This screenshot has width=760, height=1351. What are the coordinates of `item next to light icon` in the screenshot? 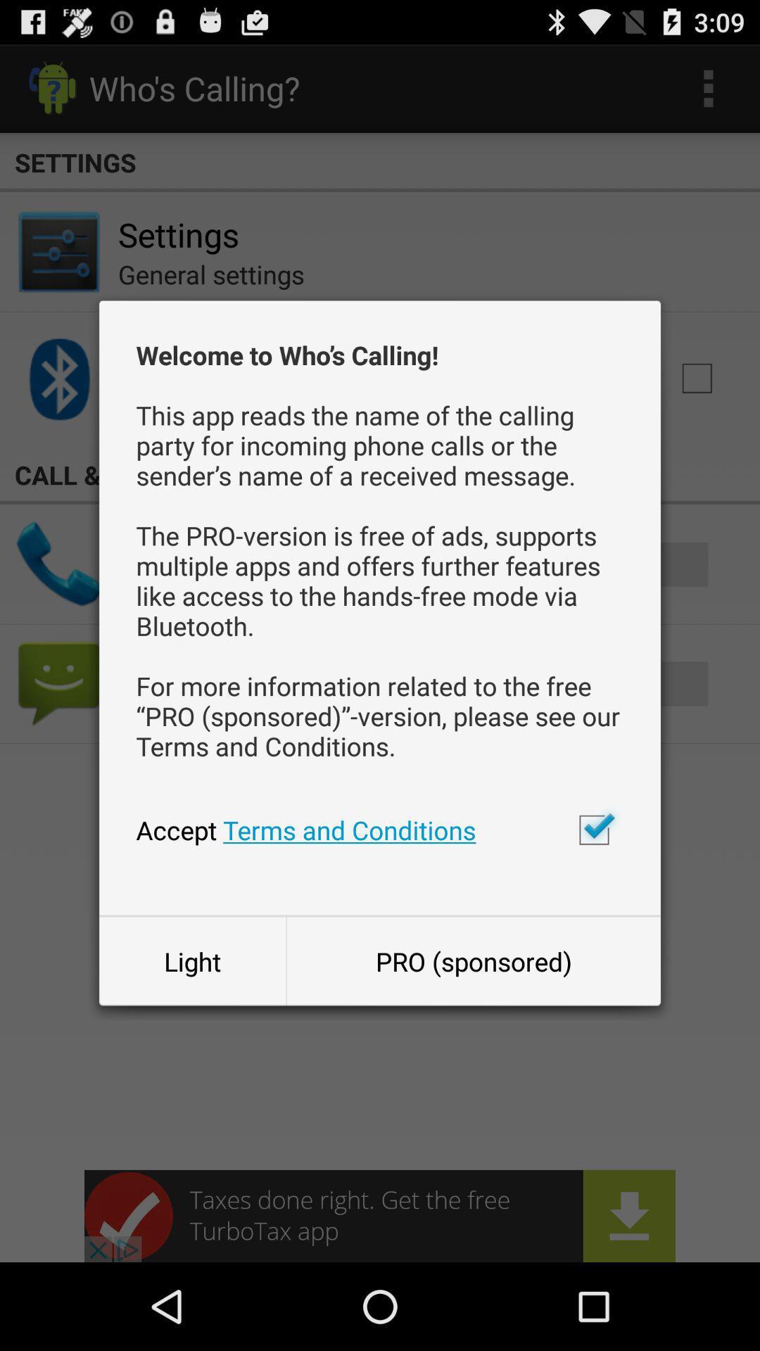 It's located at (474, 960).